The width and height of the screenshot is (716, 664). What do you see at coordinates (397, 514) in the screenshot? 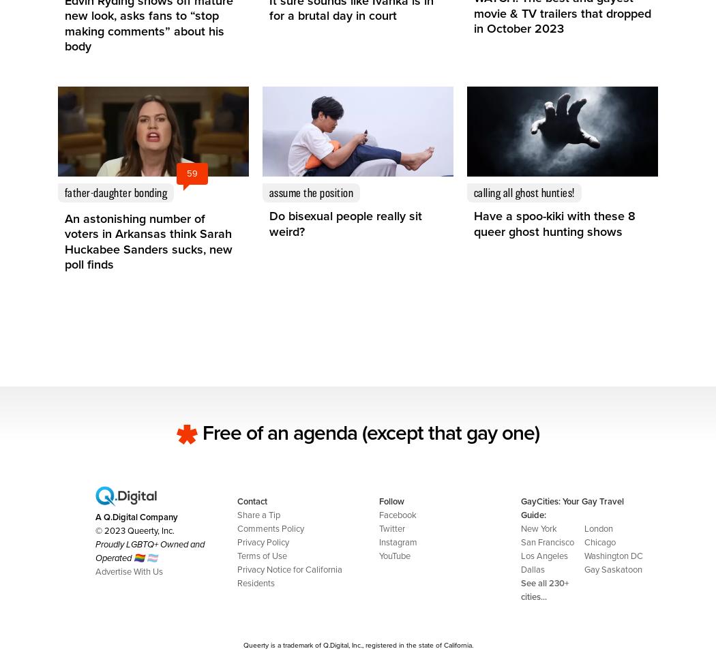
I see `'Facebook'` at bounding box center [397, 514].